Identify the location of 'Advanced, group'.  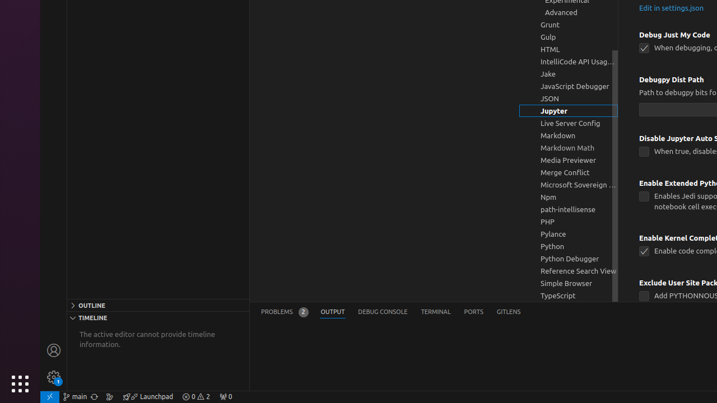
(569, 12).